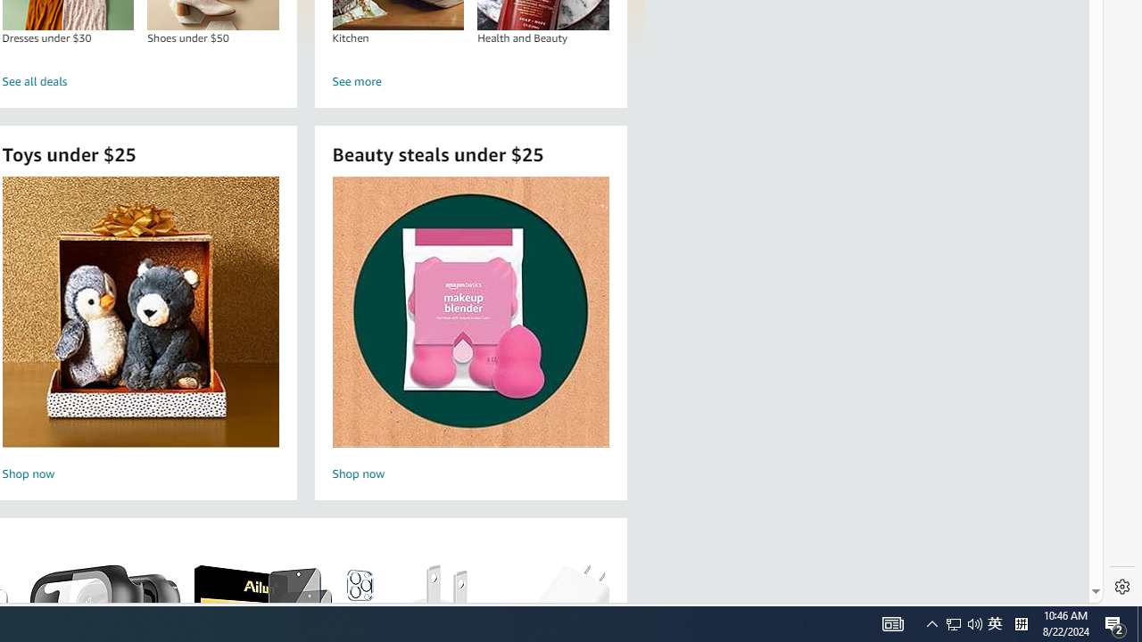 This screenshot has width=1142, height=642. Describe the element at coordinates (1021, 622) in the screenshot. I see `'Tray Input Indicator - Chinese (Simplified, China)'` at that location.